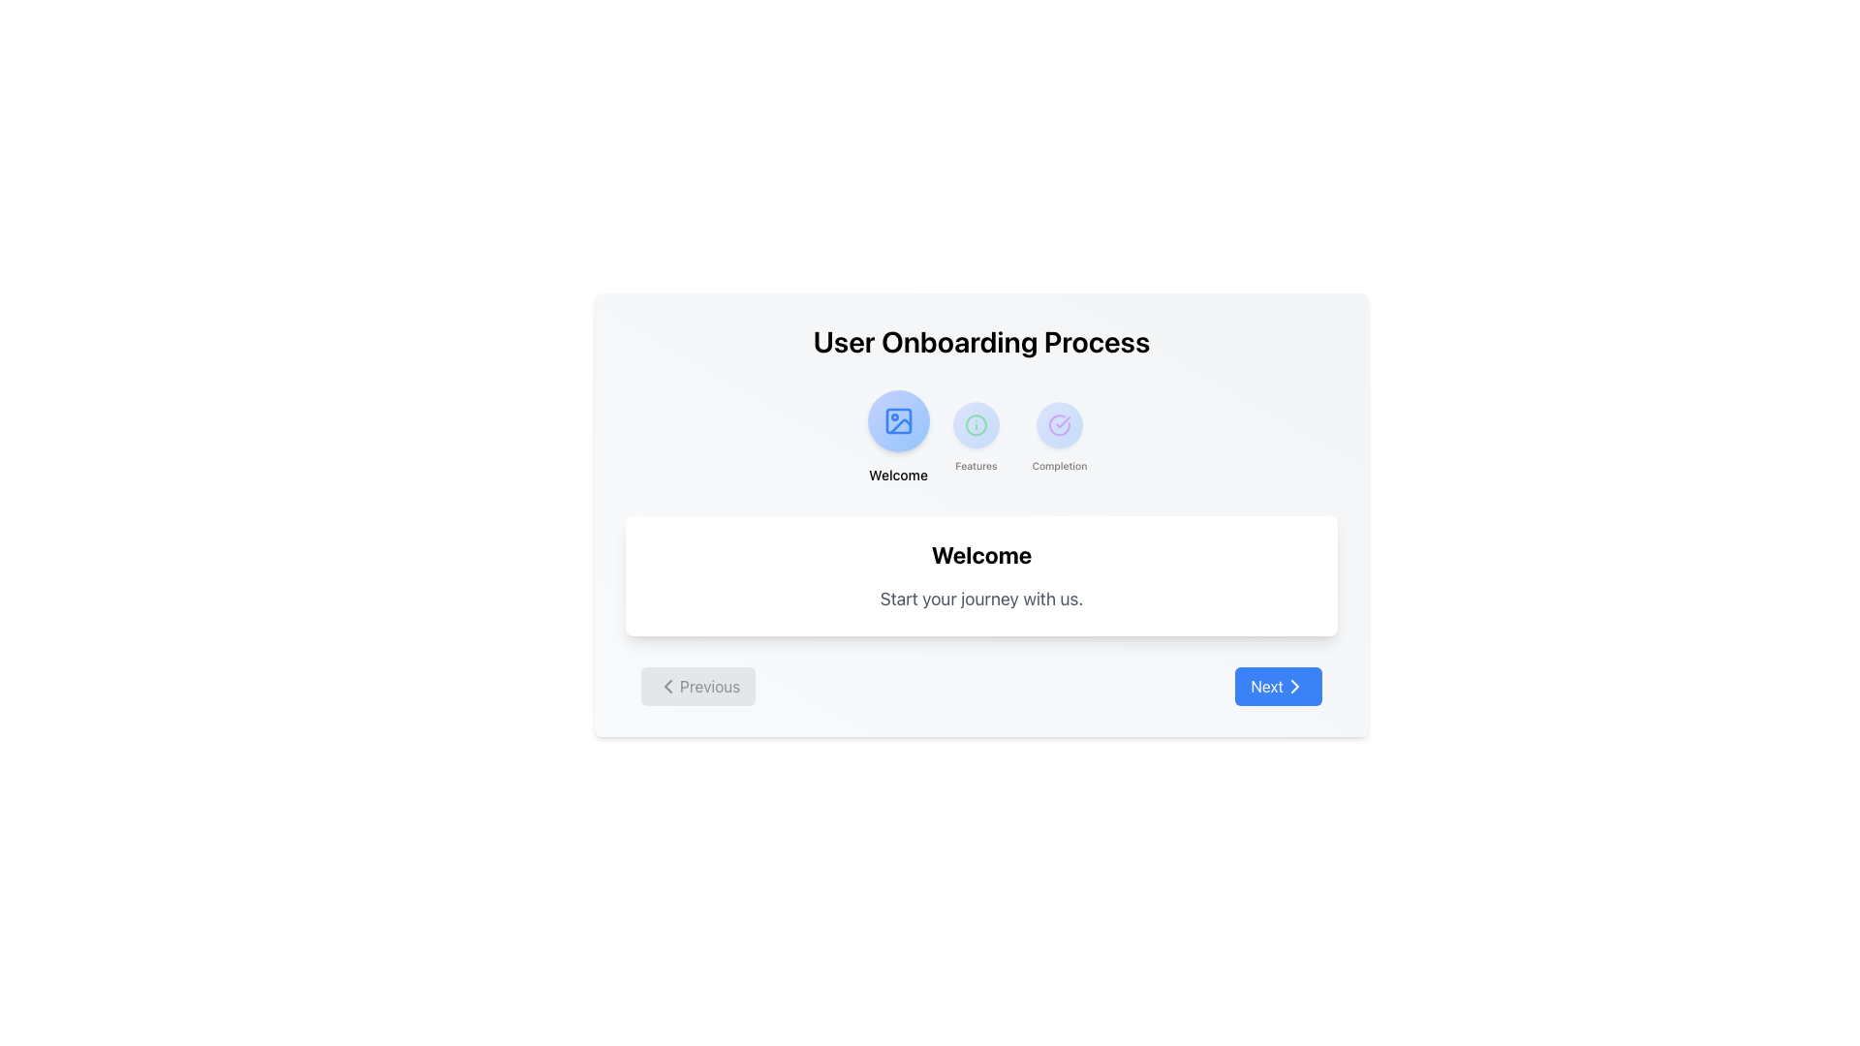 This screenshot has width=1860, height=1046. I want to click on the circular icon with a gradient background and a green outline containing an info symbol, located centrally in the 'Features' section of the onboarding interface, so click(976, 424).